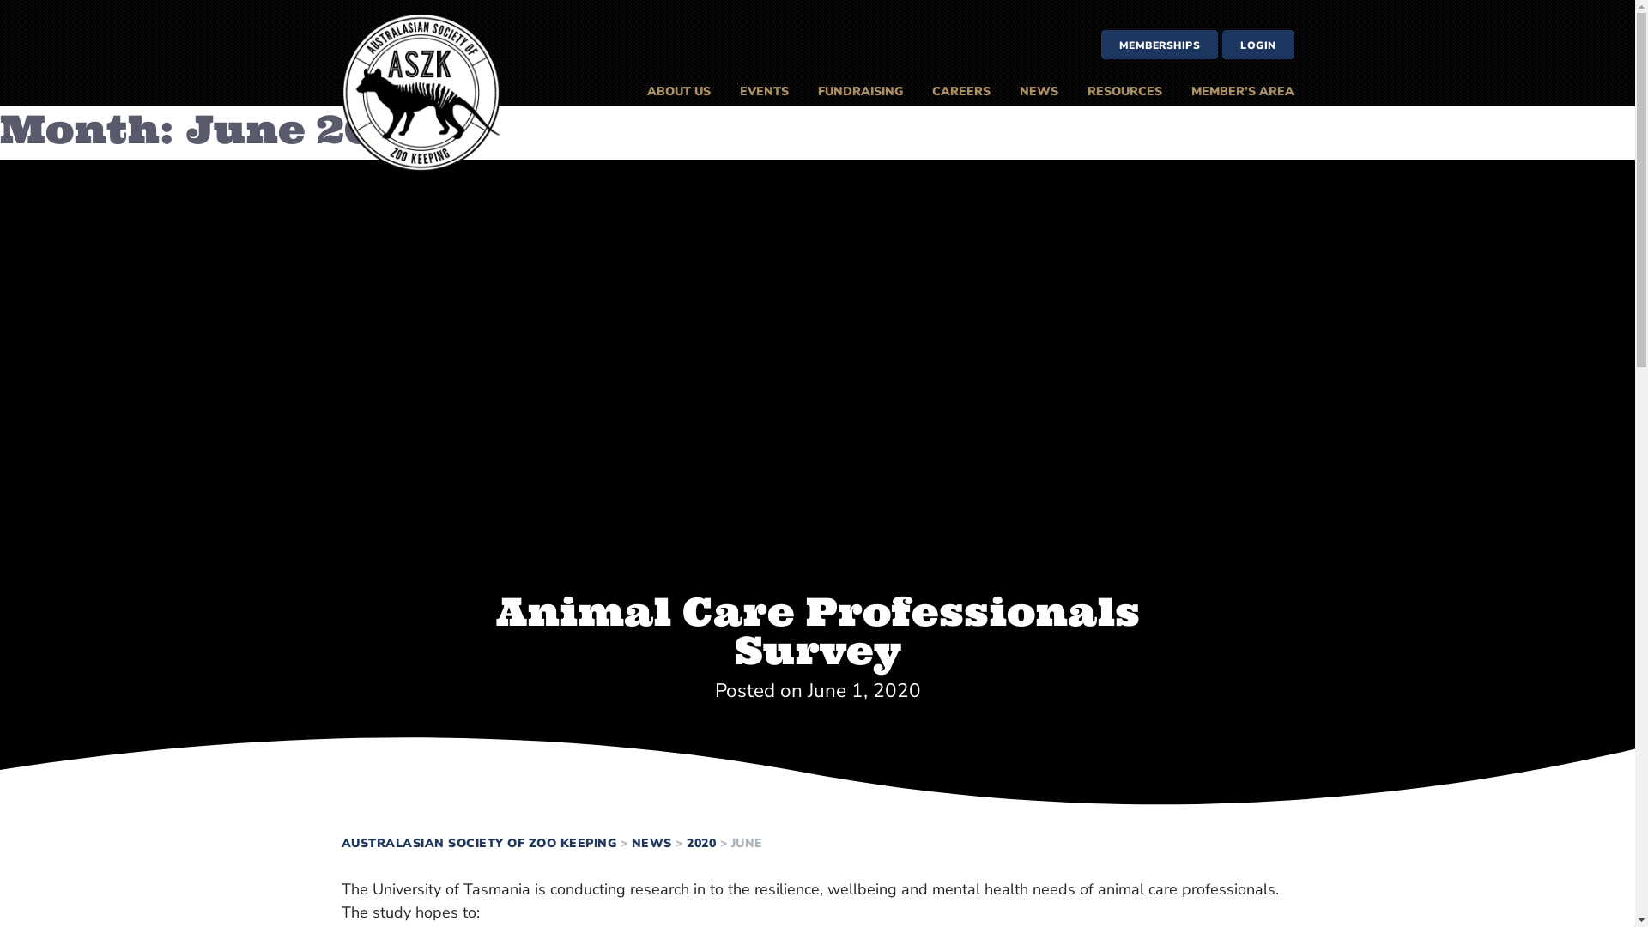 The width and height of the screenshot is (1648, 927). Describe the element at coordinates (1221, 43) in the screenshot. I see `'LOGIN'` at that location.